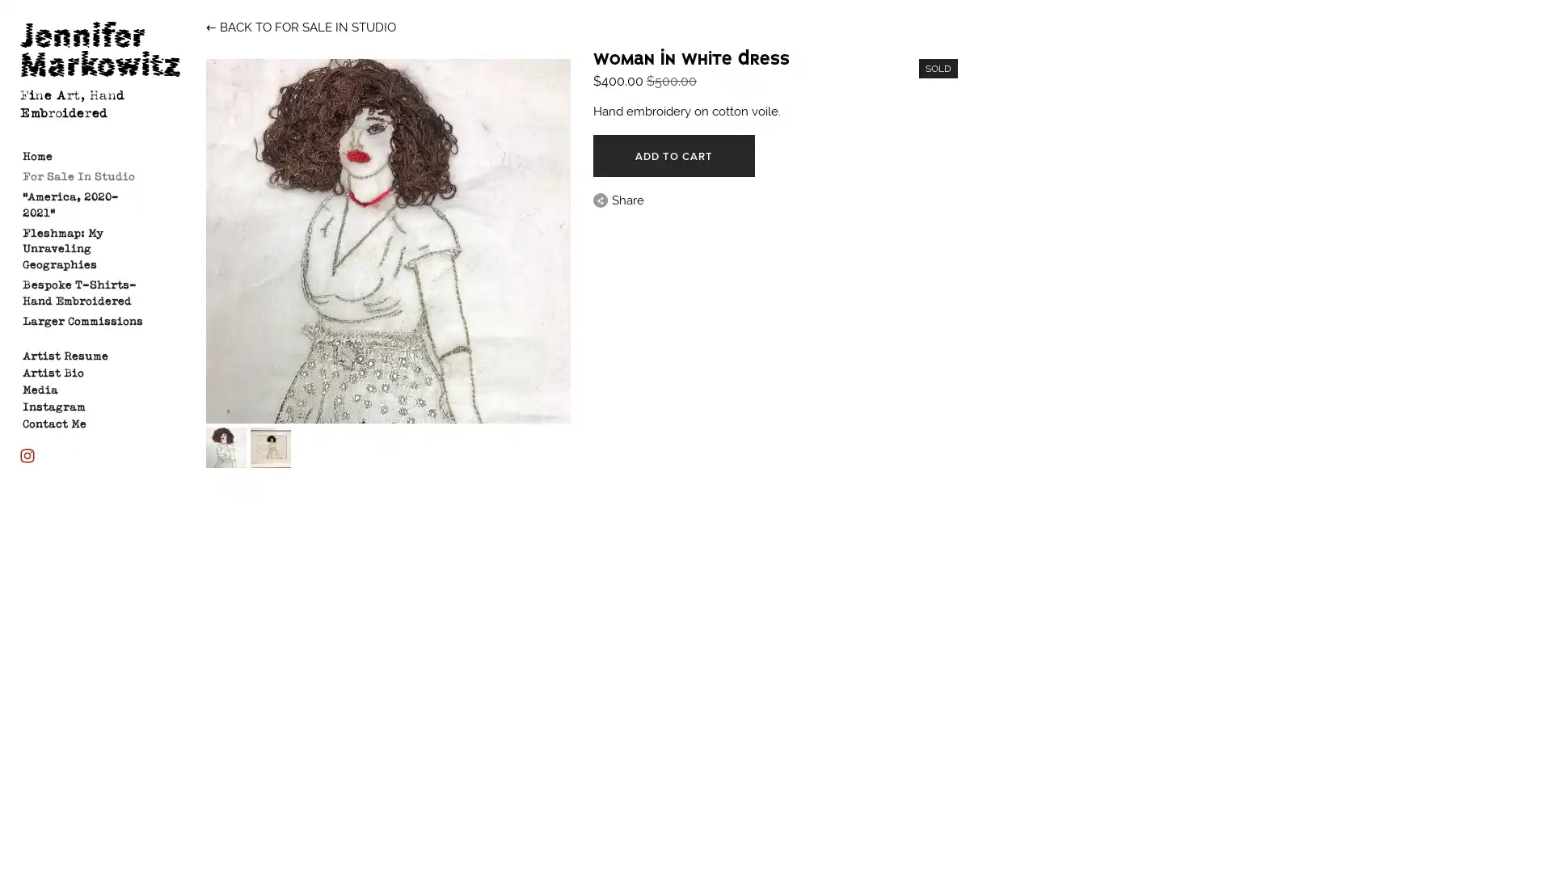  What do you see at coordinates (673, 155) in the screenshot?
I see `ADD TO CART` at bounding box center [673, 155].